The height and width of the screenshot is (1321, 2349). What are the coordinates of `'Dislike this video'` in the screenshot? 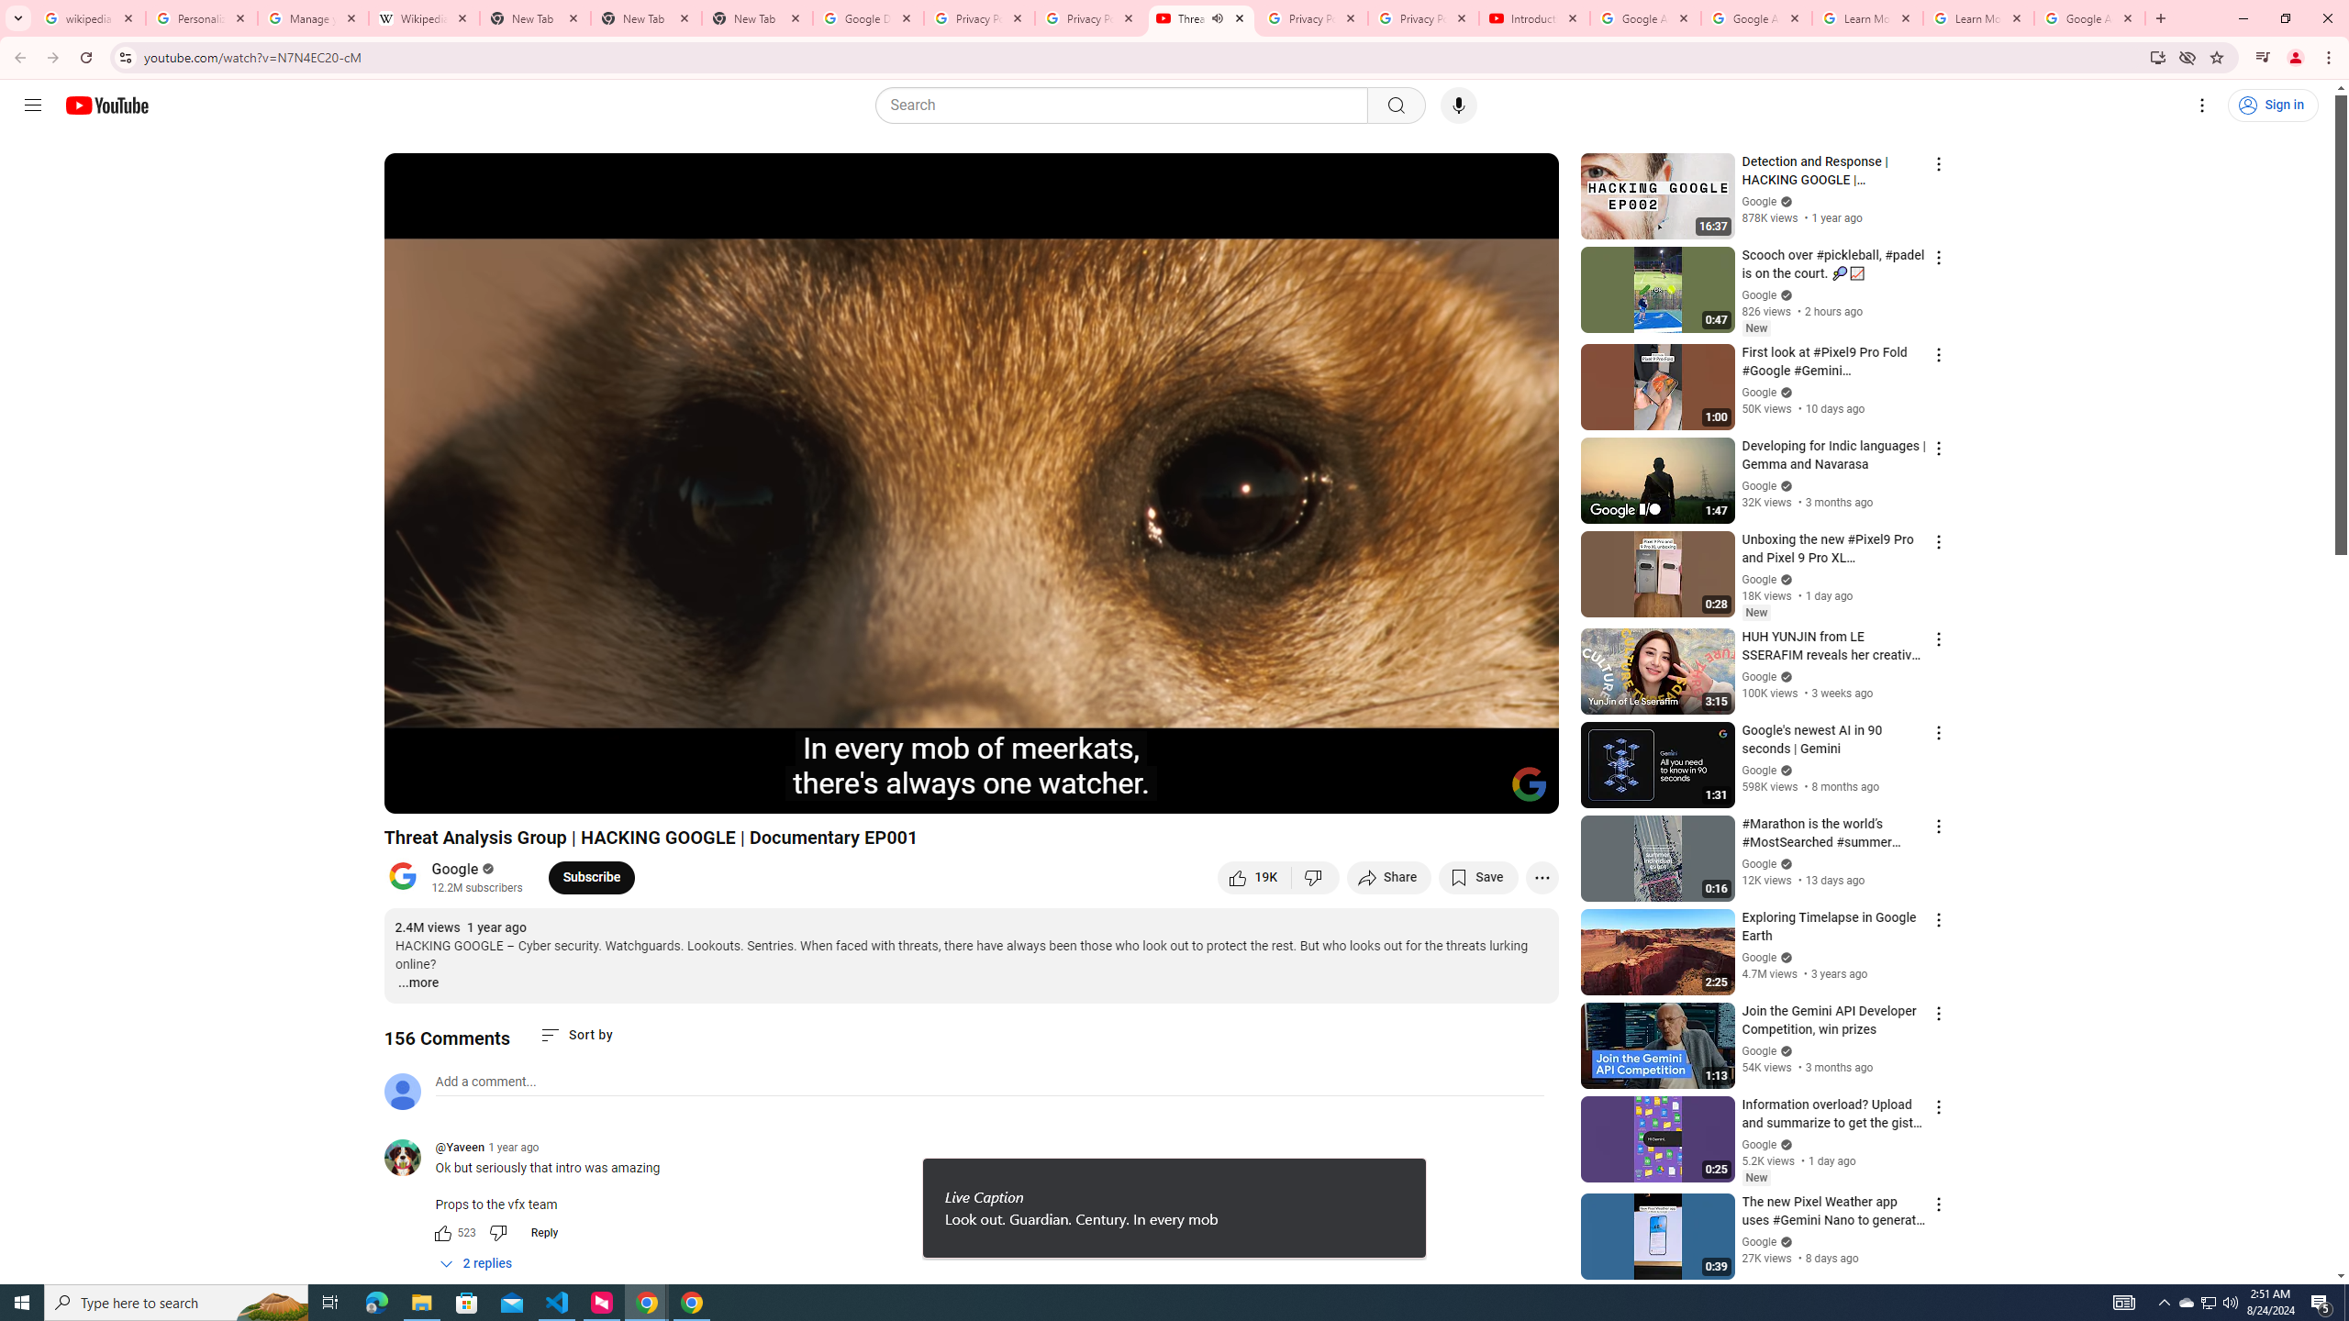 It's located at (1316, 876).